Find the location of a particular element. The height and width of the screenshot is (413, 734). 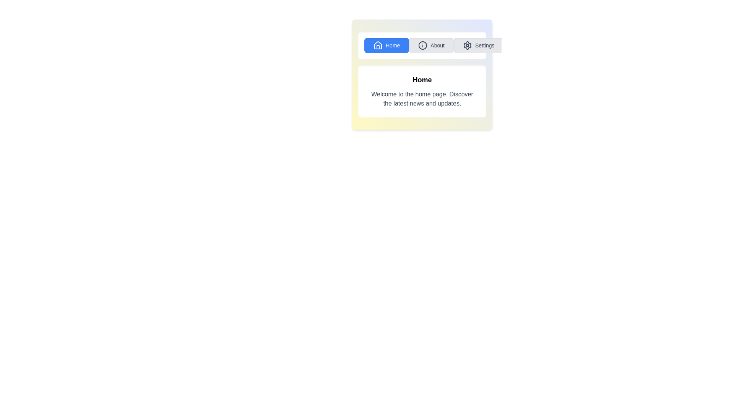

the Home tab to display its content is located at coordinates (386, 46).